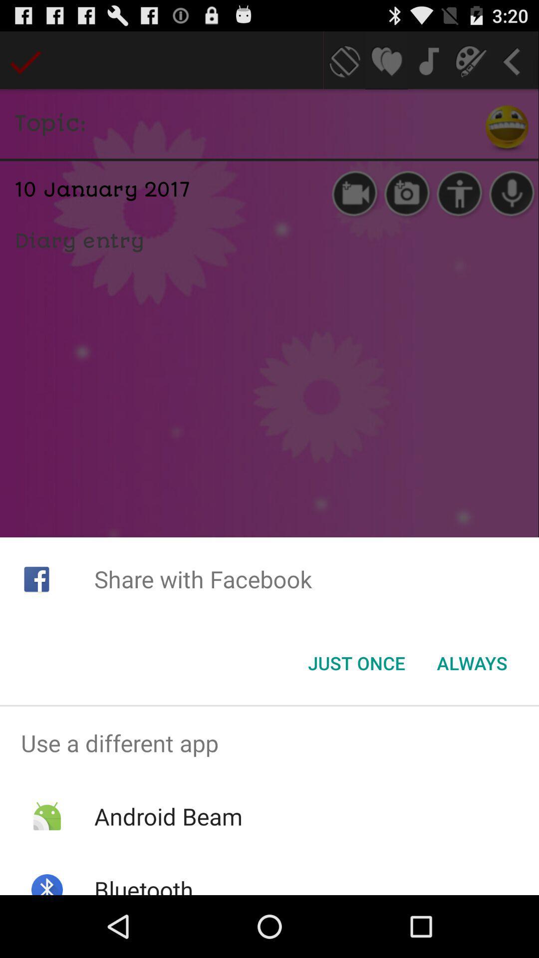  I want to click on the button to the right of just once button, so click(472, 663).